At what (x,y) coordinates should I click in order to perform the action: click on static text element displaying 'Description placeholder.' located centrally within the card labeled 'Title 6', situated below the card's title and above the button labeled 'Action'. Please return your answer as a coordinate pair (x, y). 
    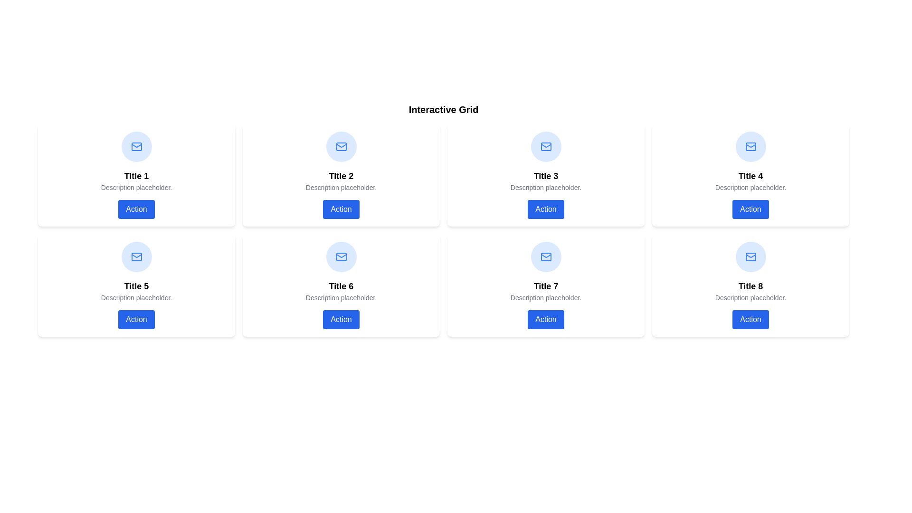
    Looking at the image, I should click on (341, 297).